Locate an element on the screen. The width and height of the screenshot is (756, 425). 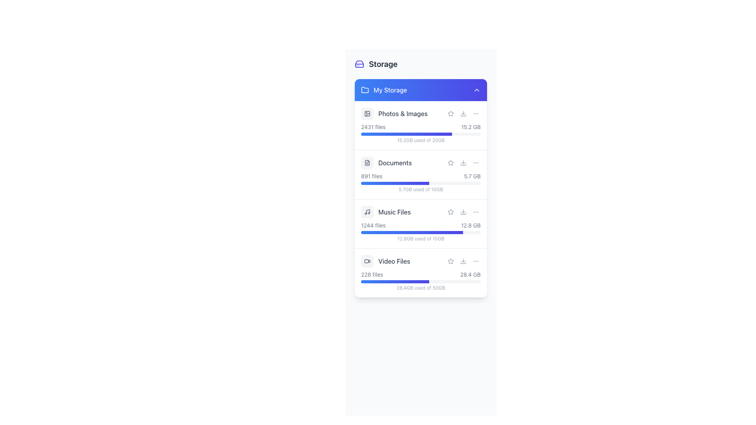
the circular download button with a gray outline is located at coordinates (463, 261).